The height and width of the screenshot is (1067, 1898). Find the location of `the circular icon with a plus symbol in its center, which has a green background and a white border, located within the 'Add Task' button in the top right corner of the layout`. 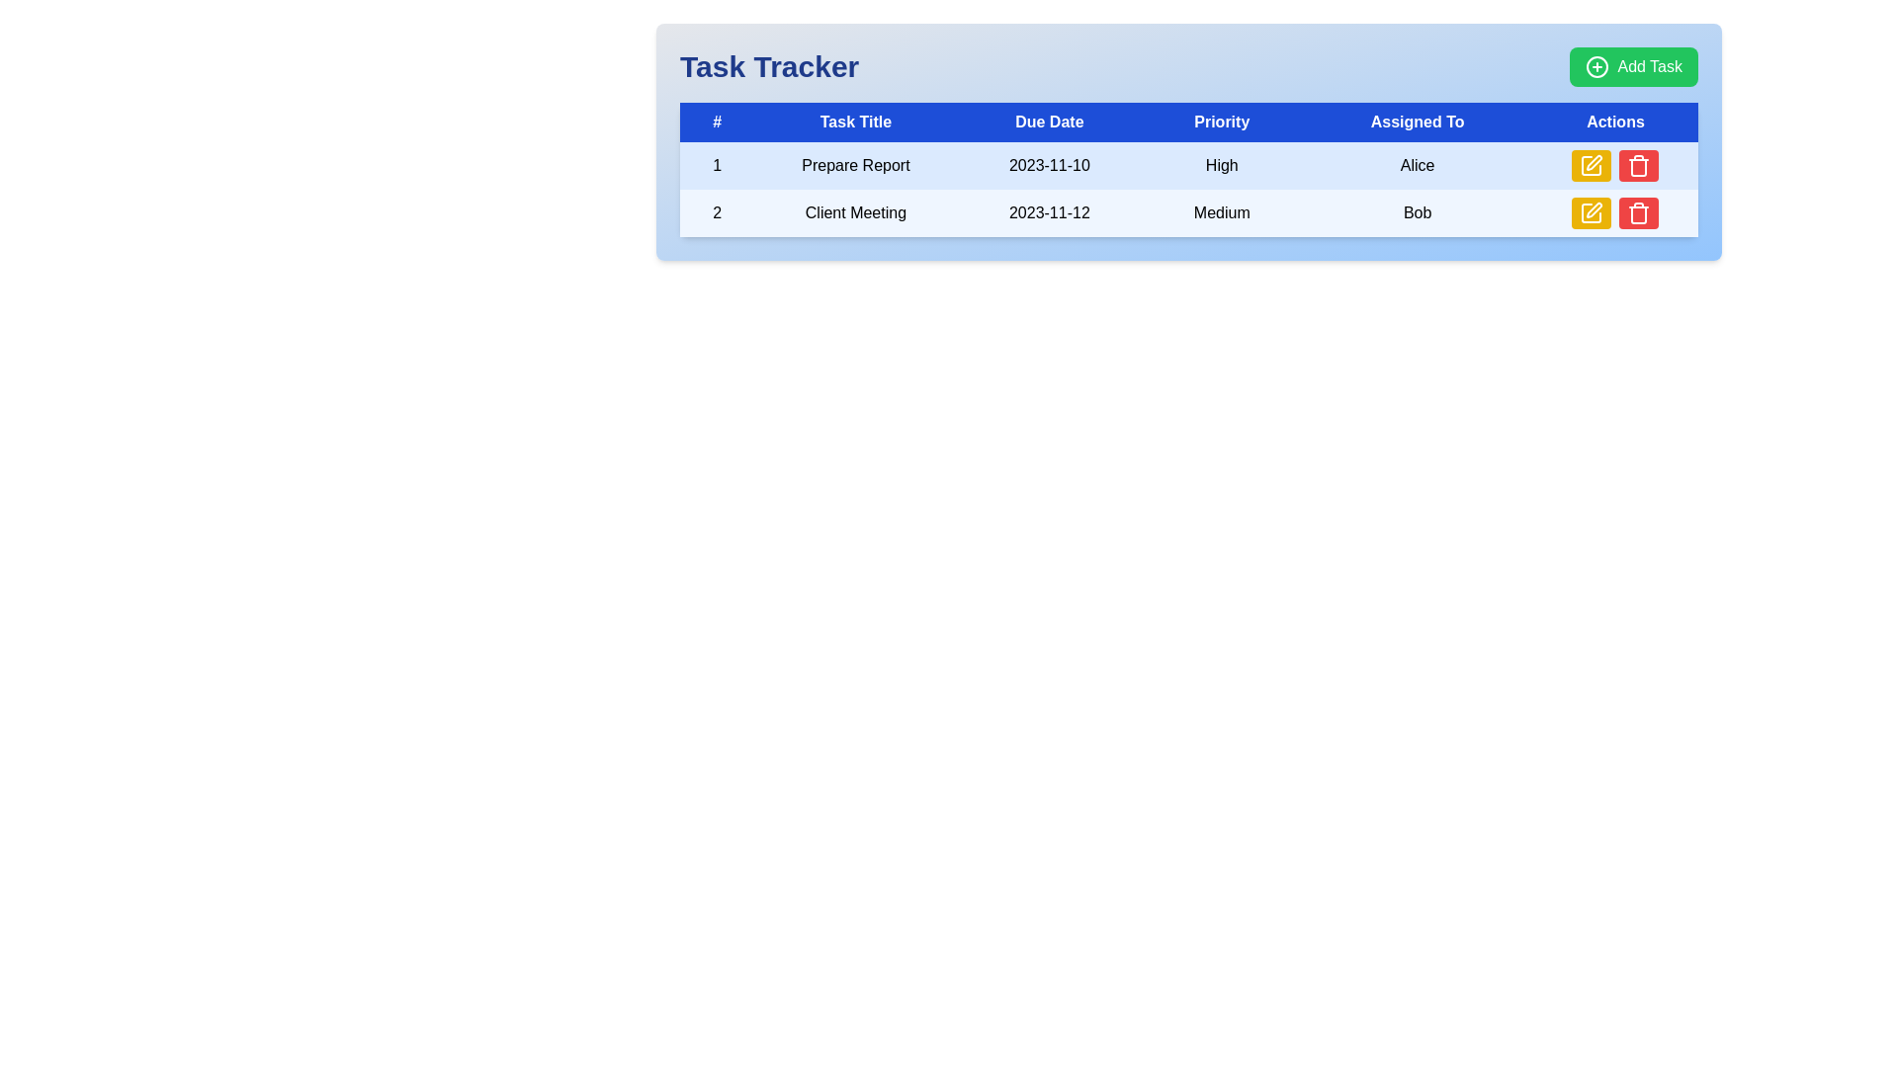

the circular icon with a plus symbol in its center, which has a green background and a white border, located within the 'Add Task' button in the top right corner of the layout is located at coordinates (1597, 66).